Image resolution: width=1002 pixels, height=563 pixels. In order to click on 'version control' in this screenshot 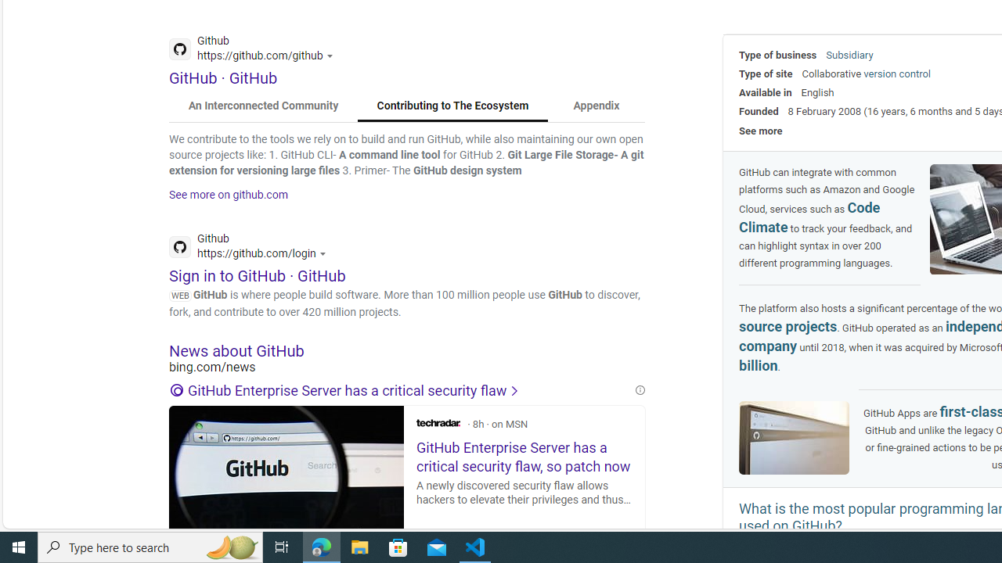, I will do `click(897, 74)`.